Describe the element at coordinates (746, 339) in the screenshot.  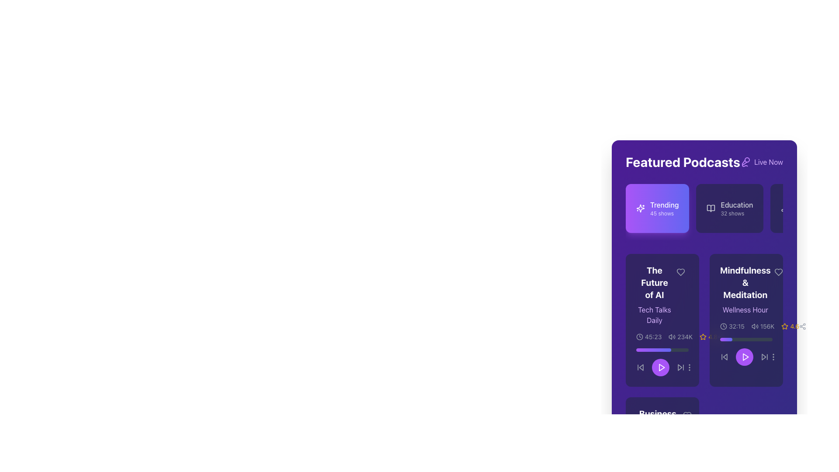
I see `the thin rectangular progress bar with rounded edges and a gray background located in the 'Mindfulness & Meditation' section, beneath the podcast title, to change the progress` at that location.